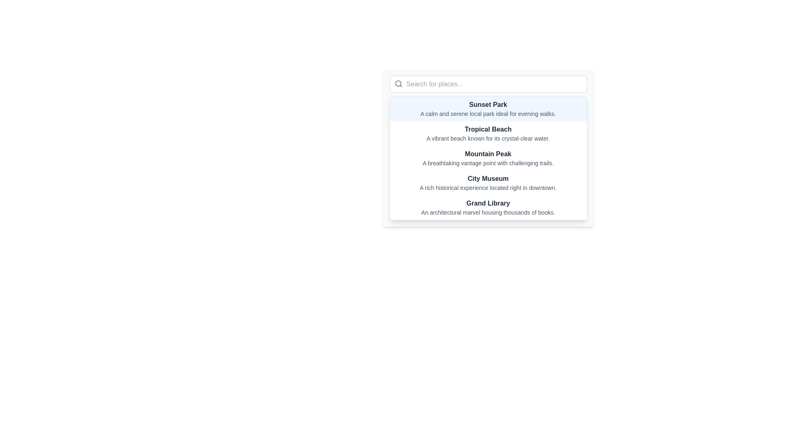 The image size is (790, 444). What do you see at coordinates (488, 163) in the screenshot?
I see `the text block styled with a small gray font that reads 'A breathtaking vantage point with challenging trails,' located beneath the heading 'Mountain Peak.'` at bounding box center [488, 163].